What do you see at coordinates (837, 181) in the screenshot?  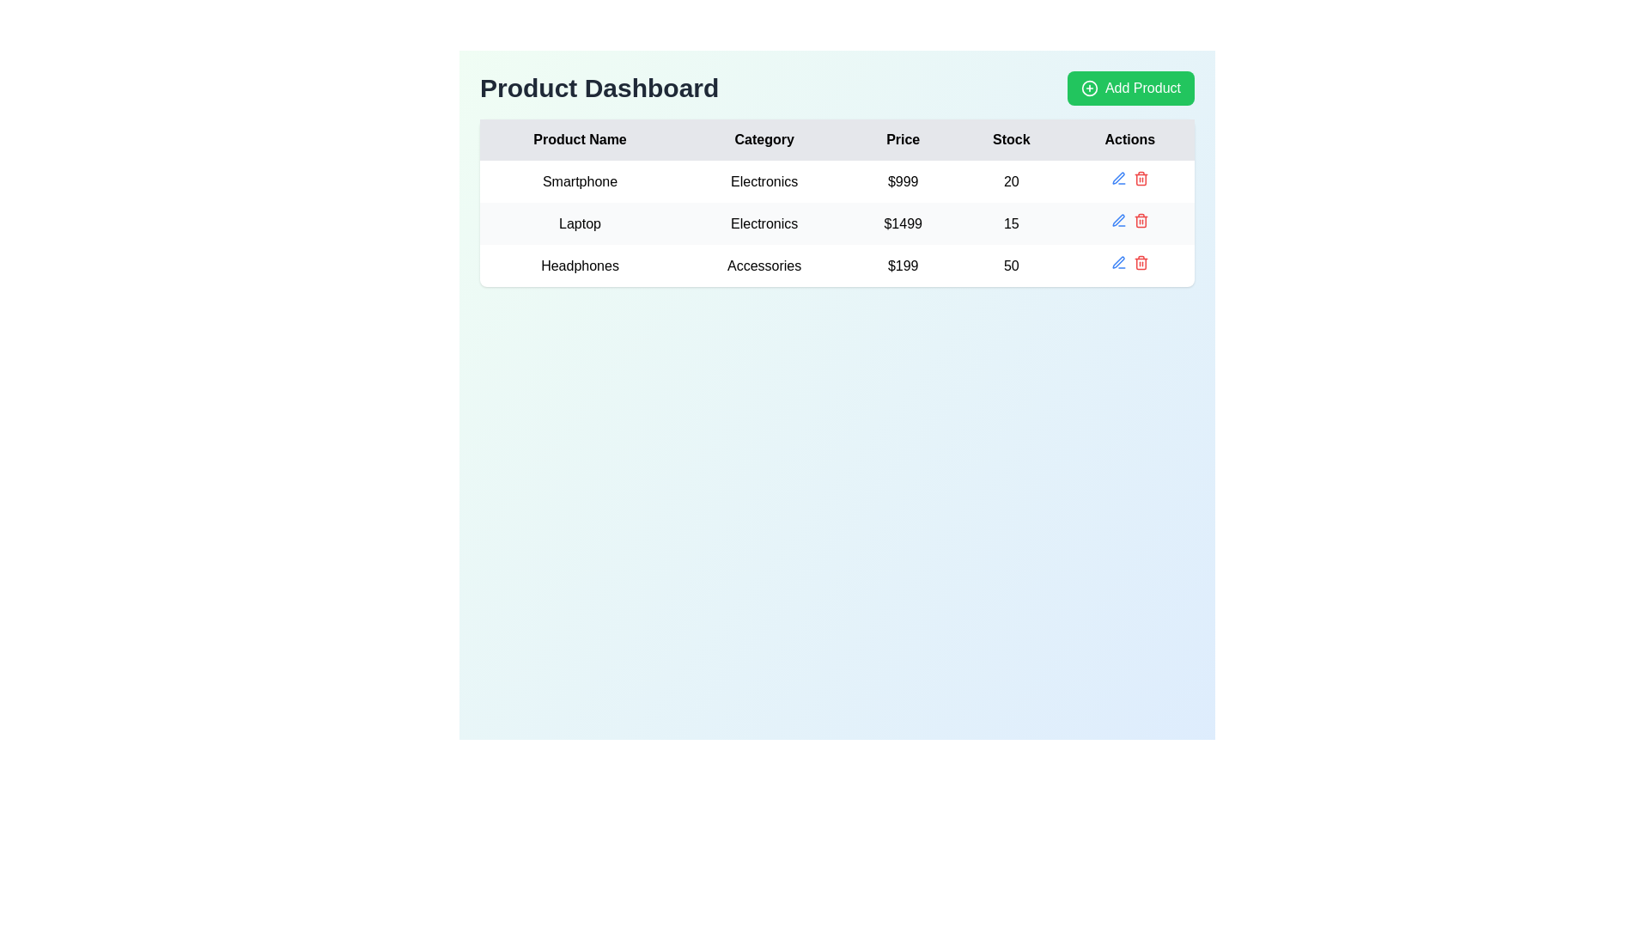 I see `the first row of the product entry table in the 'Product Dashboard' section` at bounding box center [837, 181].